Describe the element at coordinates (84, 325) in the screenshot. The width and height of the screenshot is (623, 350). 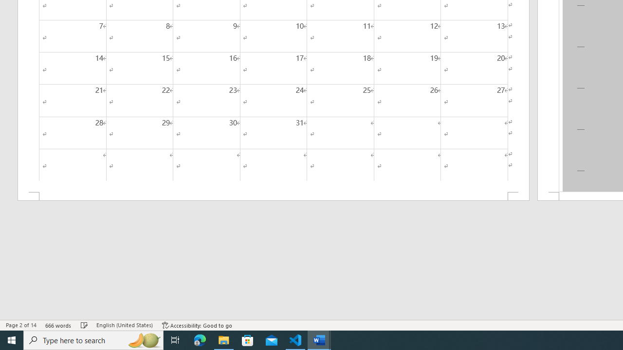
I see `'Spelling and Grammar Check Checking'` at that location.